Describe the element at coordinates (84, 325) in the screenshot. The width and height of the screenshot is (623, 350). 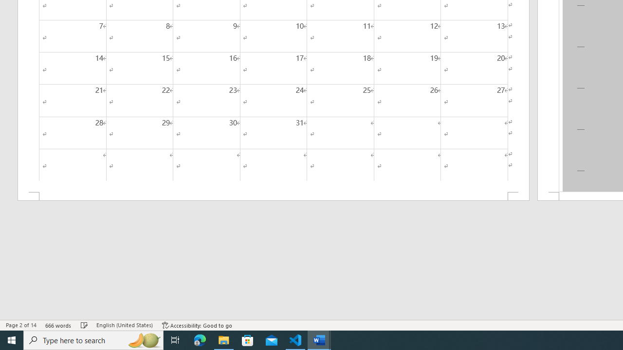
I see `'Spelling and Grammar Check Checking'` at that location.